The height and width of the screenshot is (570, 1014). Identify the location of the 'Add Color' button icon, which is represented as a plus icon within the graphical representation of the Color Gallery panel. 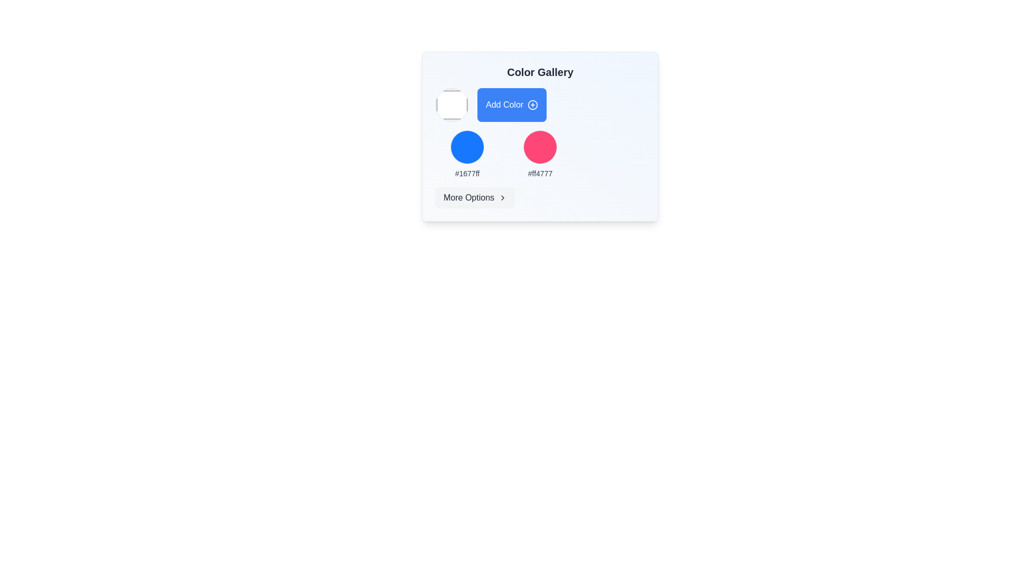
(533, 105).